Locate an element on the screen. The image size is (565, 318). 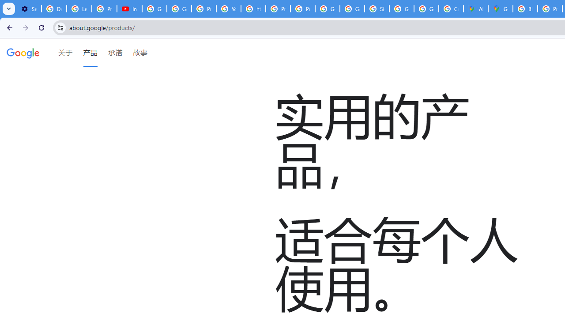
'Learn how to find your photos - Google Photos Help' is located at coordinates (79, 9).